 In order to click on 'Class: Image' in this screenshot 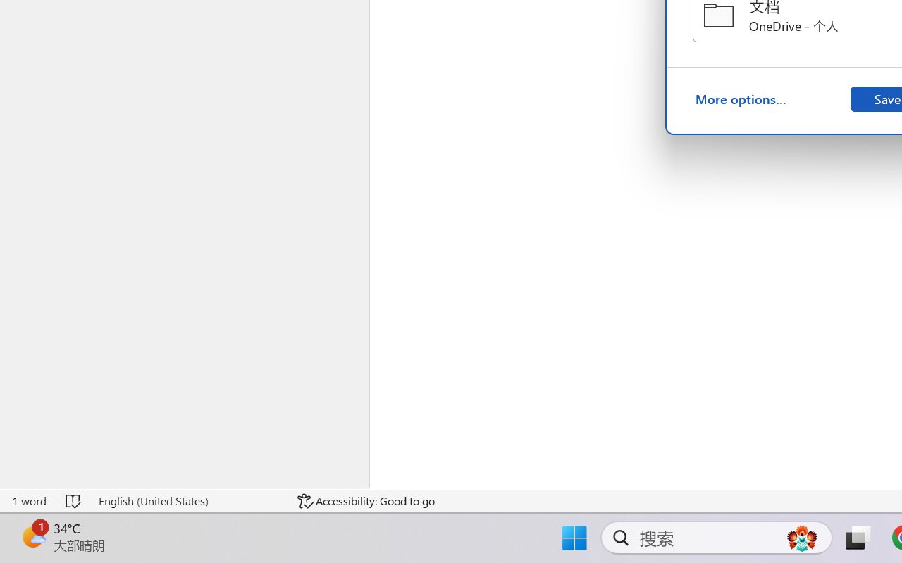, I will do `click(32, 523)`.